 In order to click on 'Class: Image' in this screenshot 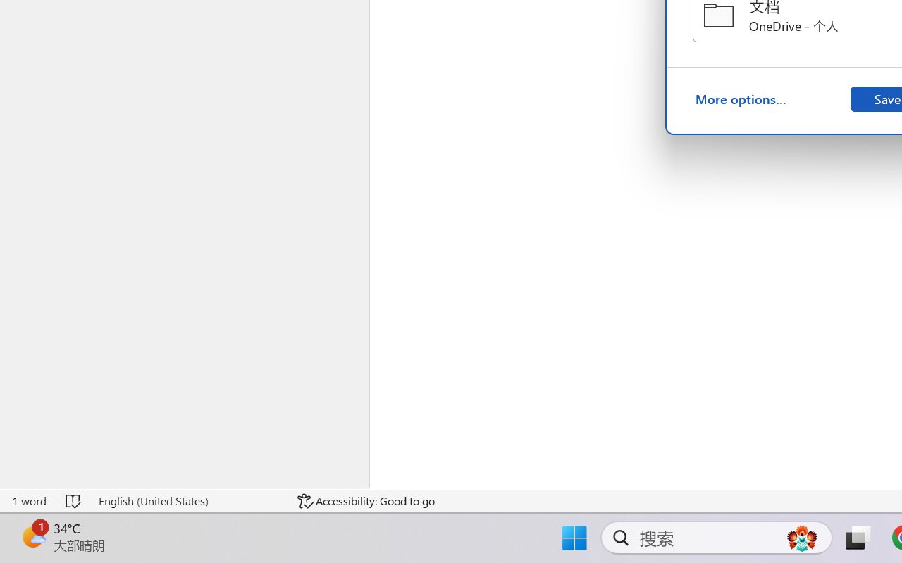, I will do `click(32, 523)`.